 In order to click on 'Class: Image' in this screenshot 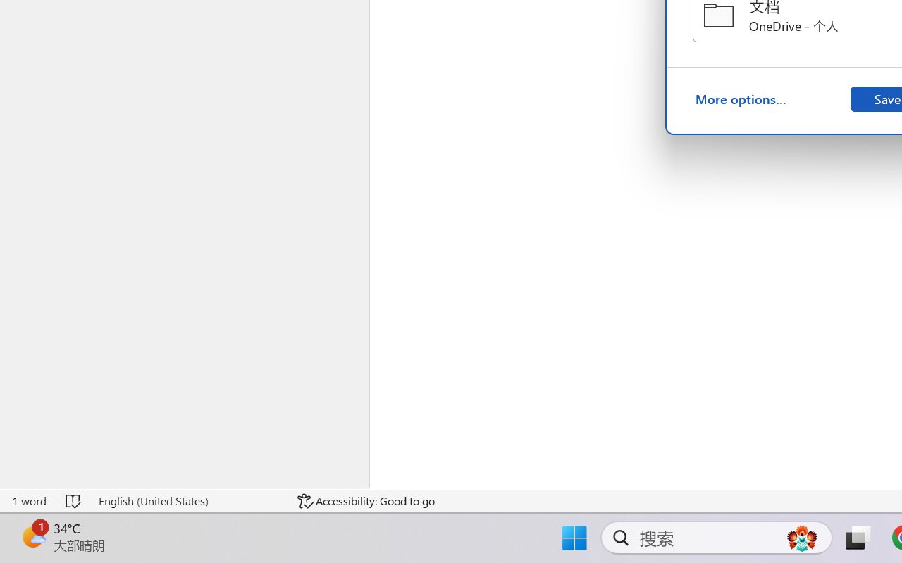, I will do `click(32, 523)`.